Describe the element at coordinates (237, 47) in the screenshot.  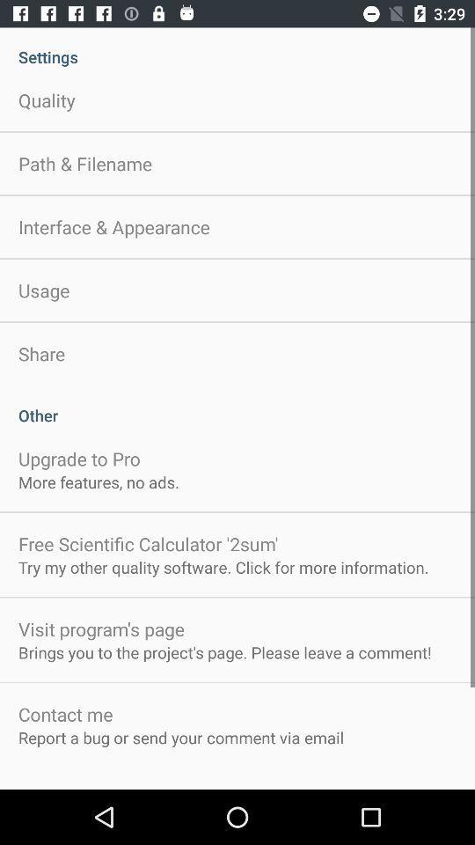
I see `icon above the quality app` at that location.